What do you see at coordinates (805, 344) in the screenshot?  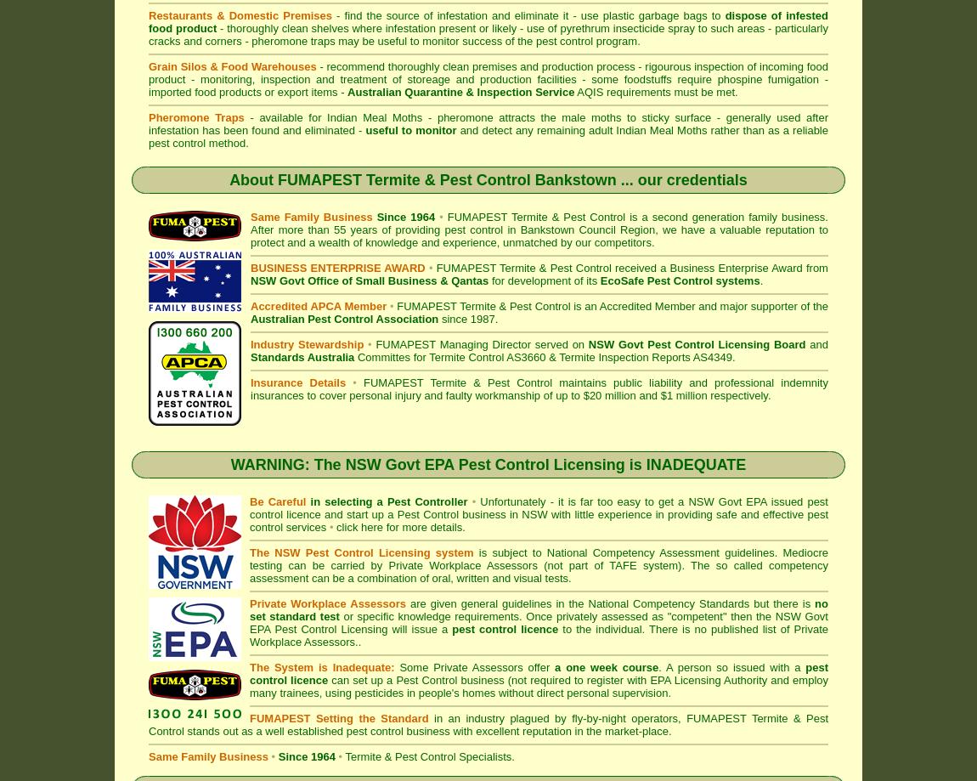 I see `'and'` at bounding box center [805, 344].